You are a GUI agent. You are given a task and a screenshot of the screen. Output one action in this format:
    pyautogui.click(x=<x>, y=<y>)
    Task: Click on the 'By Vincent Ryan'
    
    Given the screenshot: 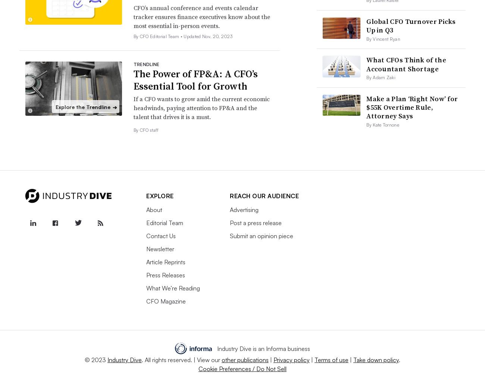 What is the action you would take?
    pyautogui.click(x=383, y=38)
    